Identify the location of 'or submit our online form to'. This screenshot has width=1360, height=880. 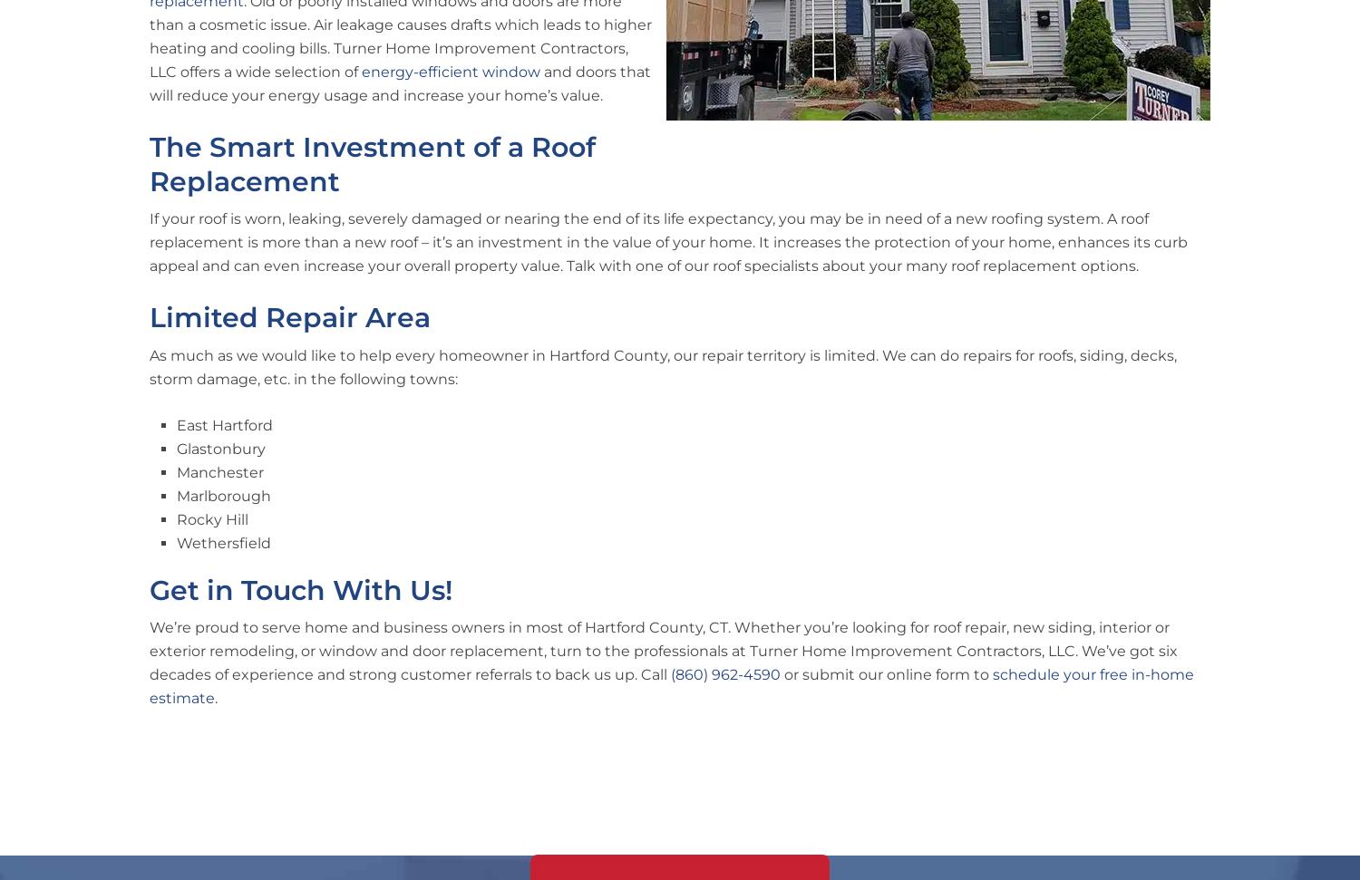
(886, 673).